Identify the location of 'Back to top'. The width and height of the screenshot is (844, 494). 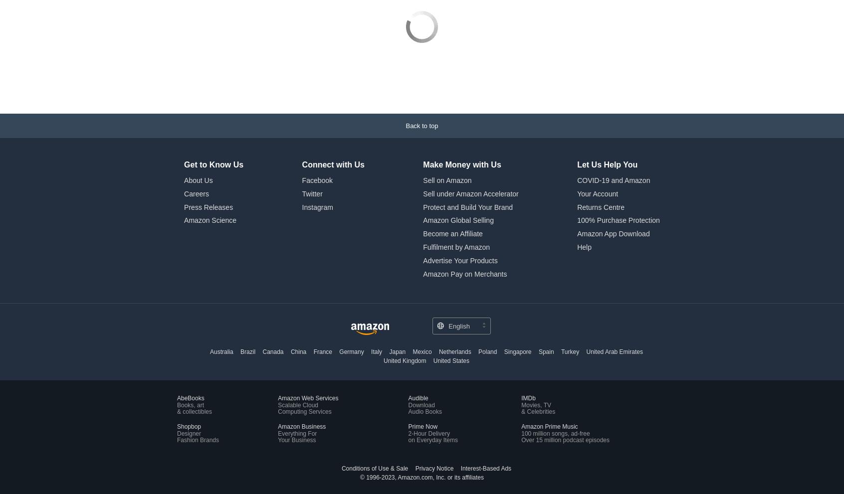
(422, 58).